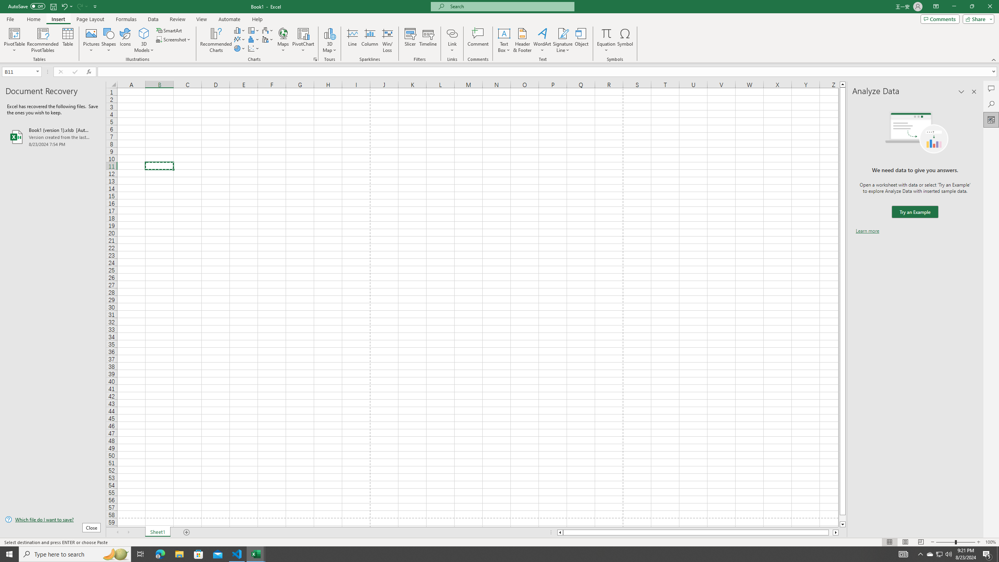 This screenshot has height=562, width=999. I want to click on 'Insert Combo Chart', so click(267, 39).